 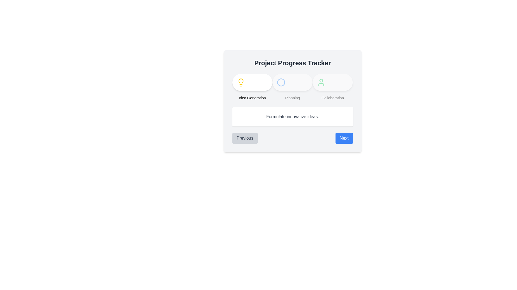 I want to click on the 'Next' button to navigate to the next step, so click(x=344, y=138).